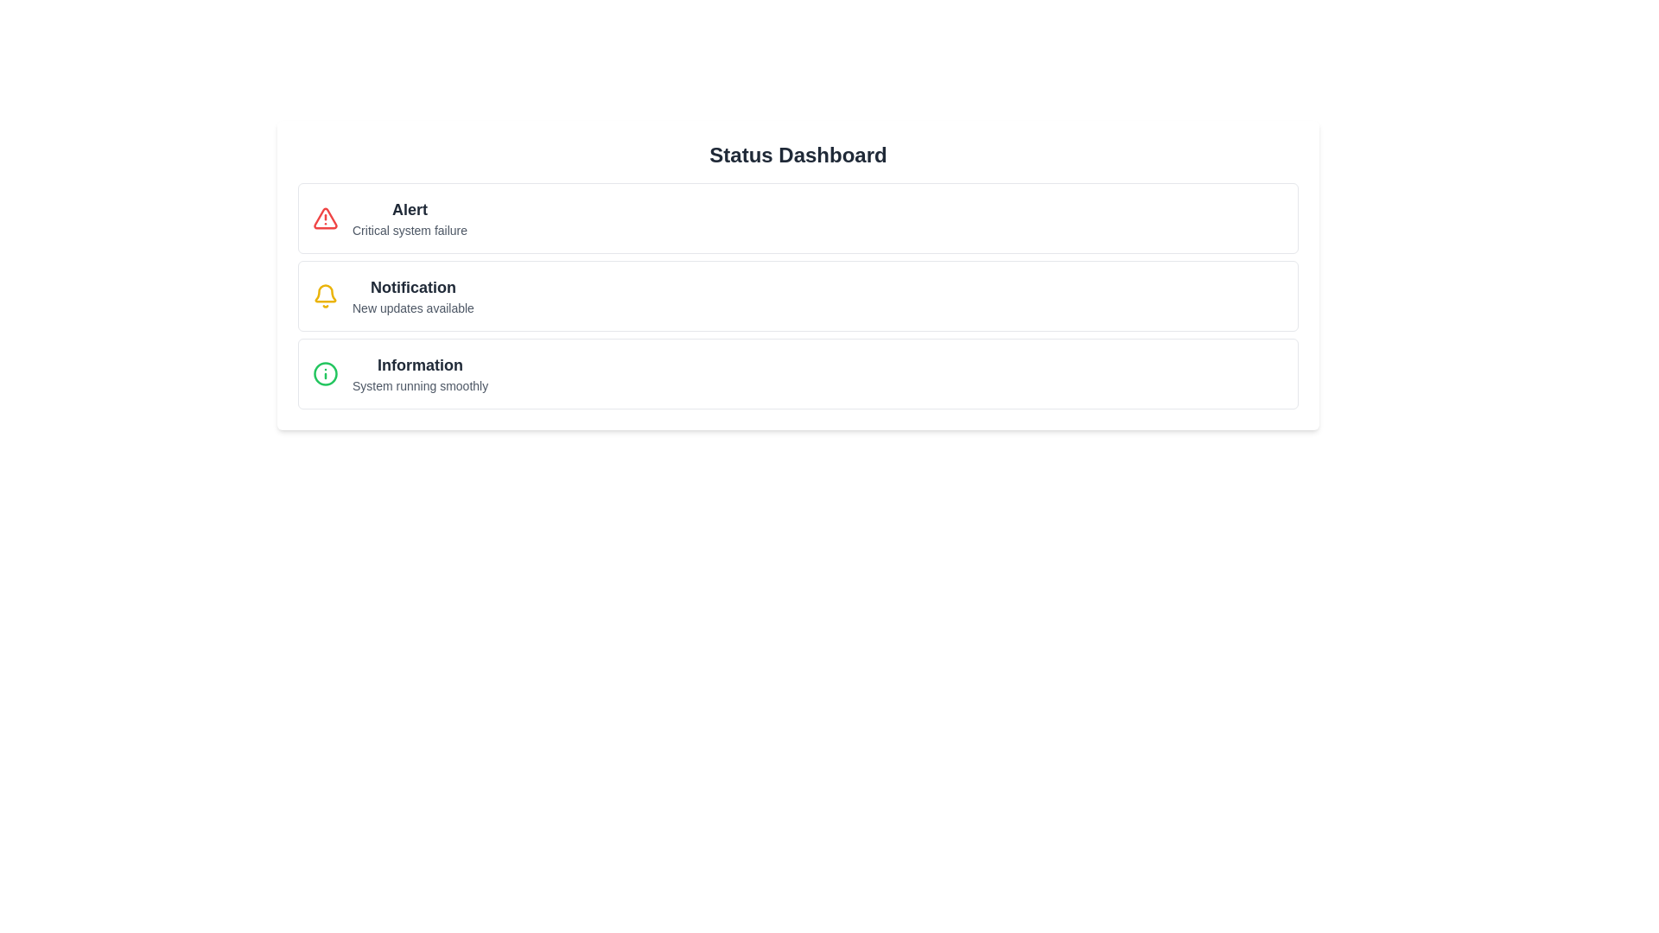  I want to click on text content of the notification card displaying 'Information' and 'System running smoothly', located under the informational icon in the third notification column, so click(420, 372).